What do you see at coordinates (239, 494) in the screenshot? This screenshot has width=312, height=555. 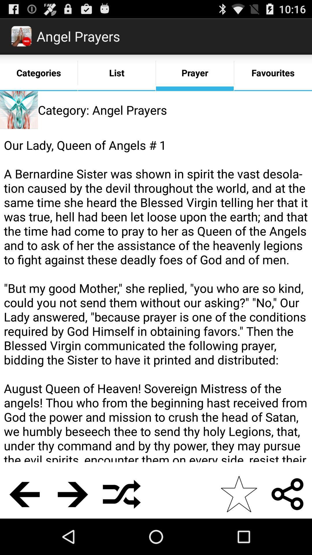 I see `favorite` at bounding box center [239, 494].